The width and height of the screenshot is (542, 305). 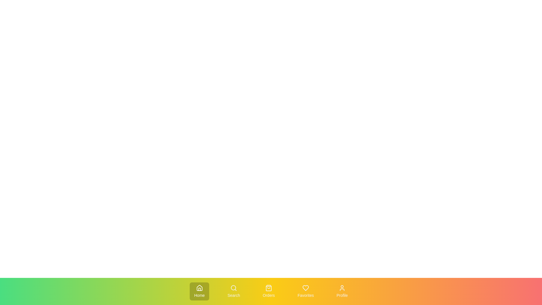 I want to click on the Orders tab to observe the hover effect, so click(x=268, y=291).